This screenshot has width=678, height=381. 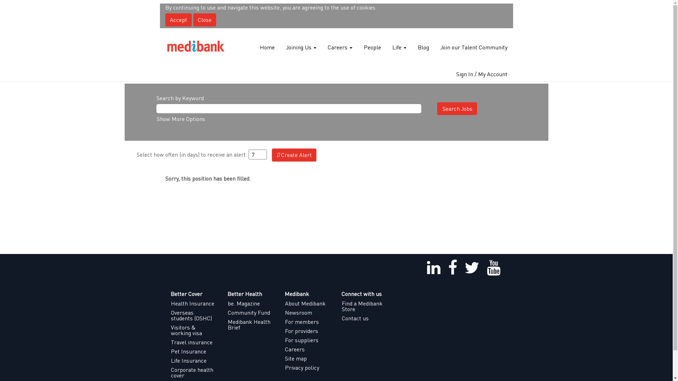 I want to click on 'Visitors & working visa', so click(x=170, y=330).